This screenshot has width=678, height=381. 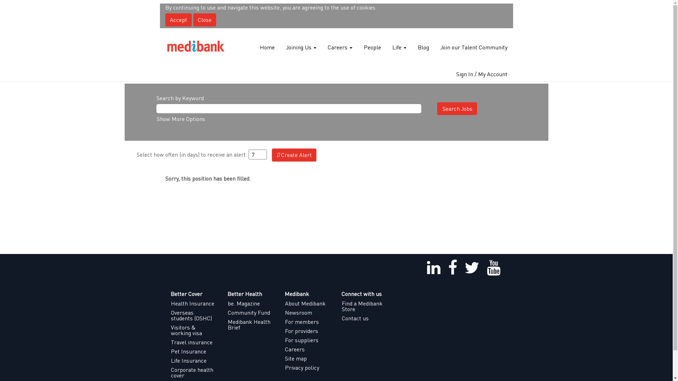 I want to click on 'Visitors & working visa', so click(x=170, y=330).